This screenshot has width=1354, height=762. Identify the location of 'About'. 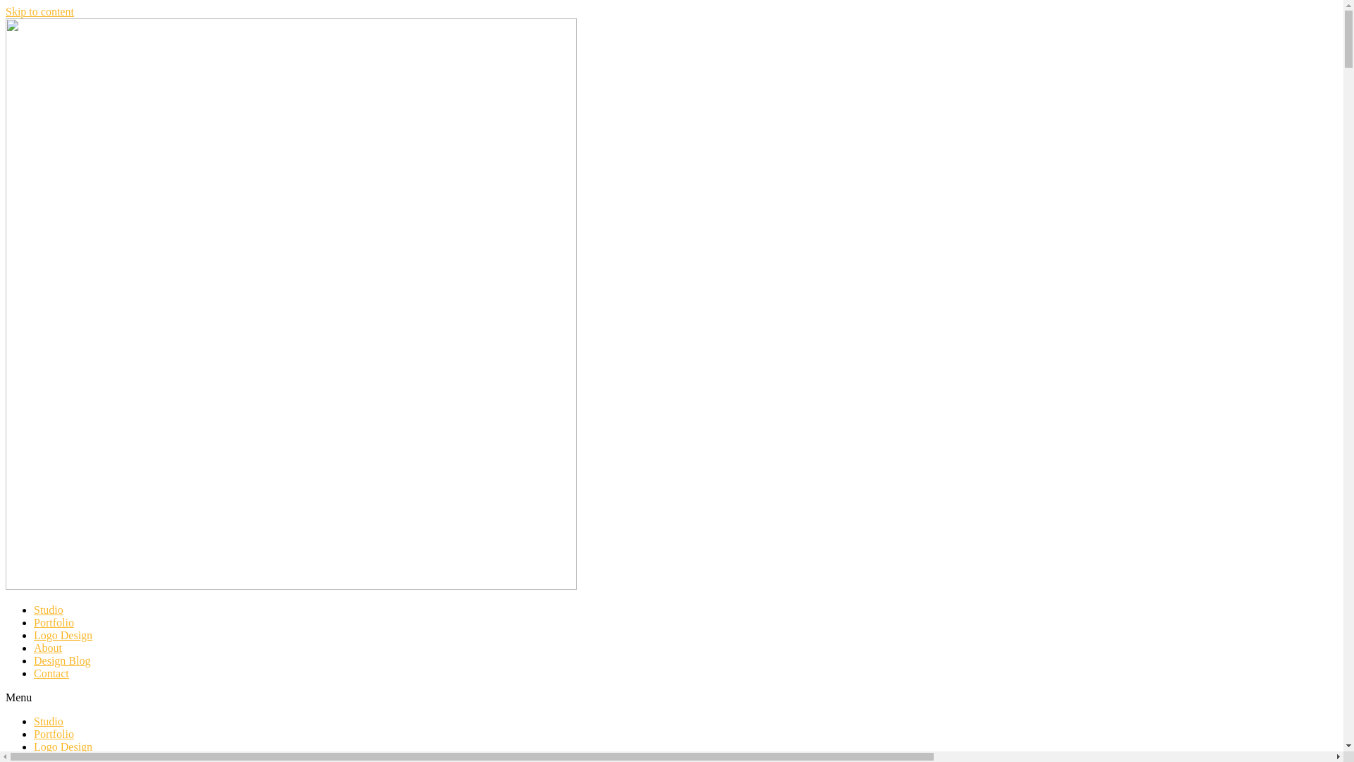
(47, 648).